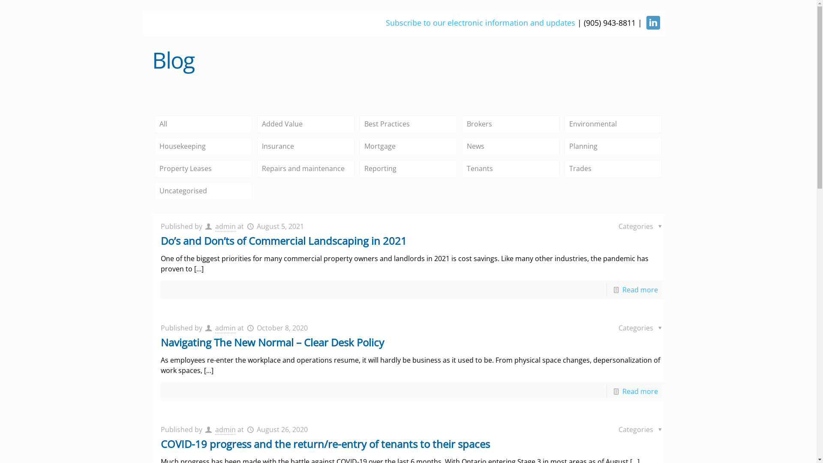 The height and width of the screenshot is (463, 823). What do you see at coordinates (511, 145) in the screenshot?
I see `'News'` at bounding box center [511, 145].